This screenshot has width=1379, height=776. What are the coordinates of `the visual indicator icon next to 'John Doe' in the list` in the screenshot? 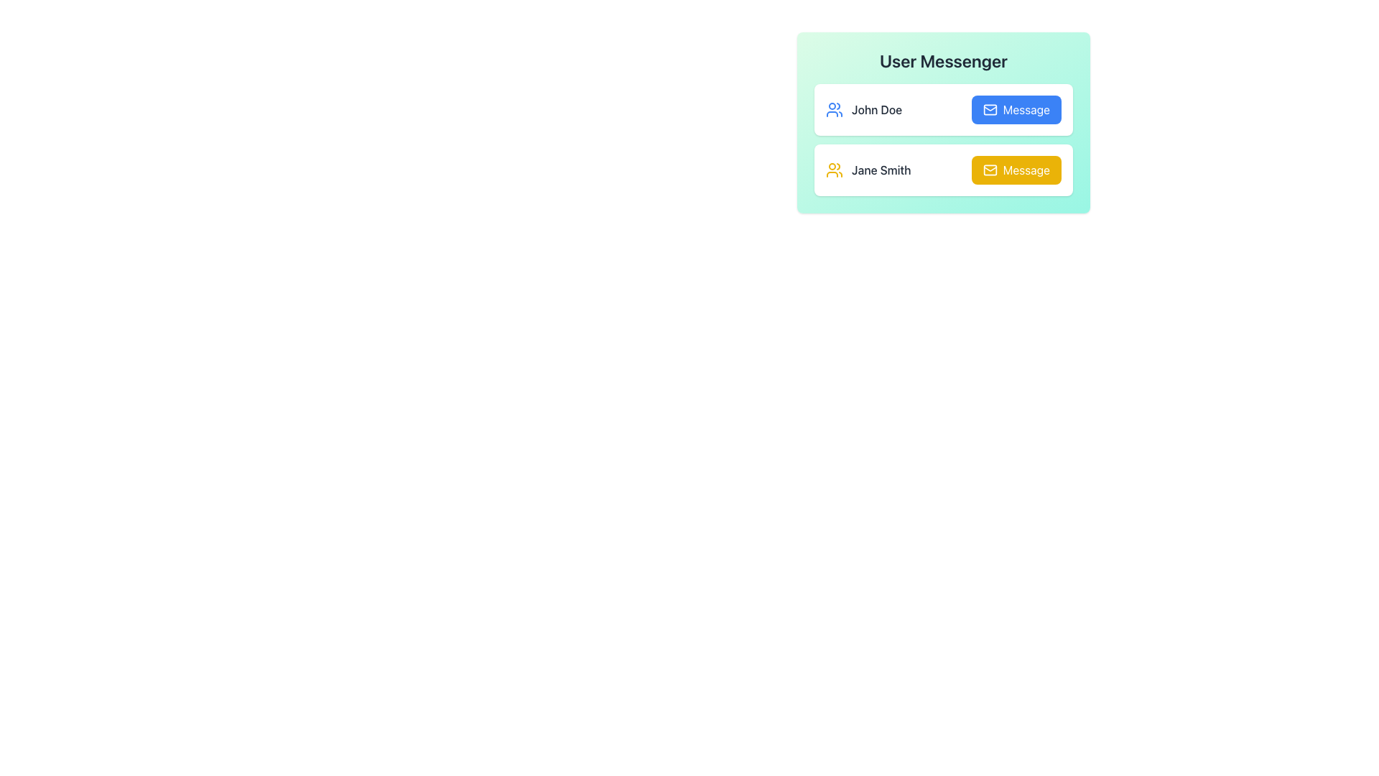 It's located at (834, 109).